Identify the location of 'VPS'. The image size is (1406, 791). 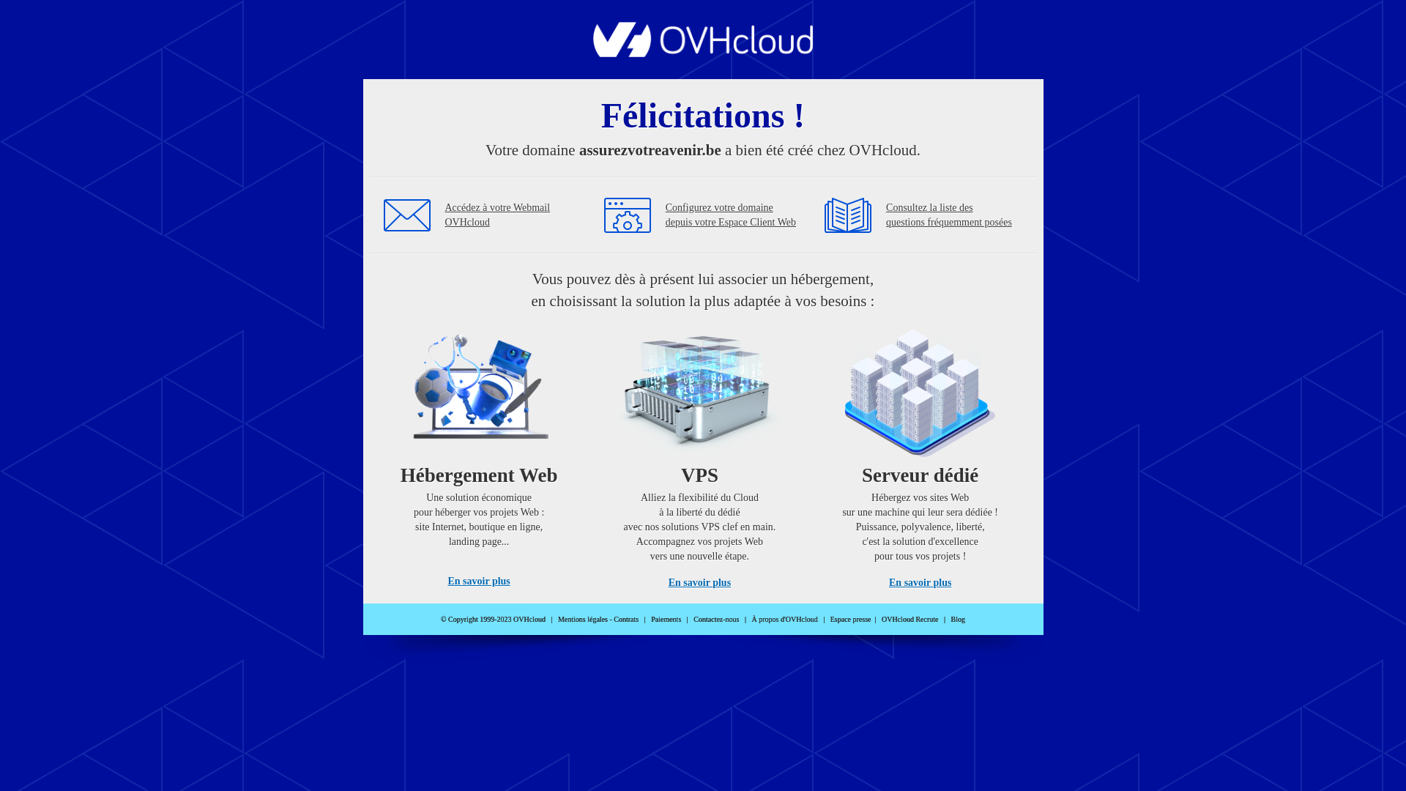
(699, 453).